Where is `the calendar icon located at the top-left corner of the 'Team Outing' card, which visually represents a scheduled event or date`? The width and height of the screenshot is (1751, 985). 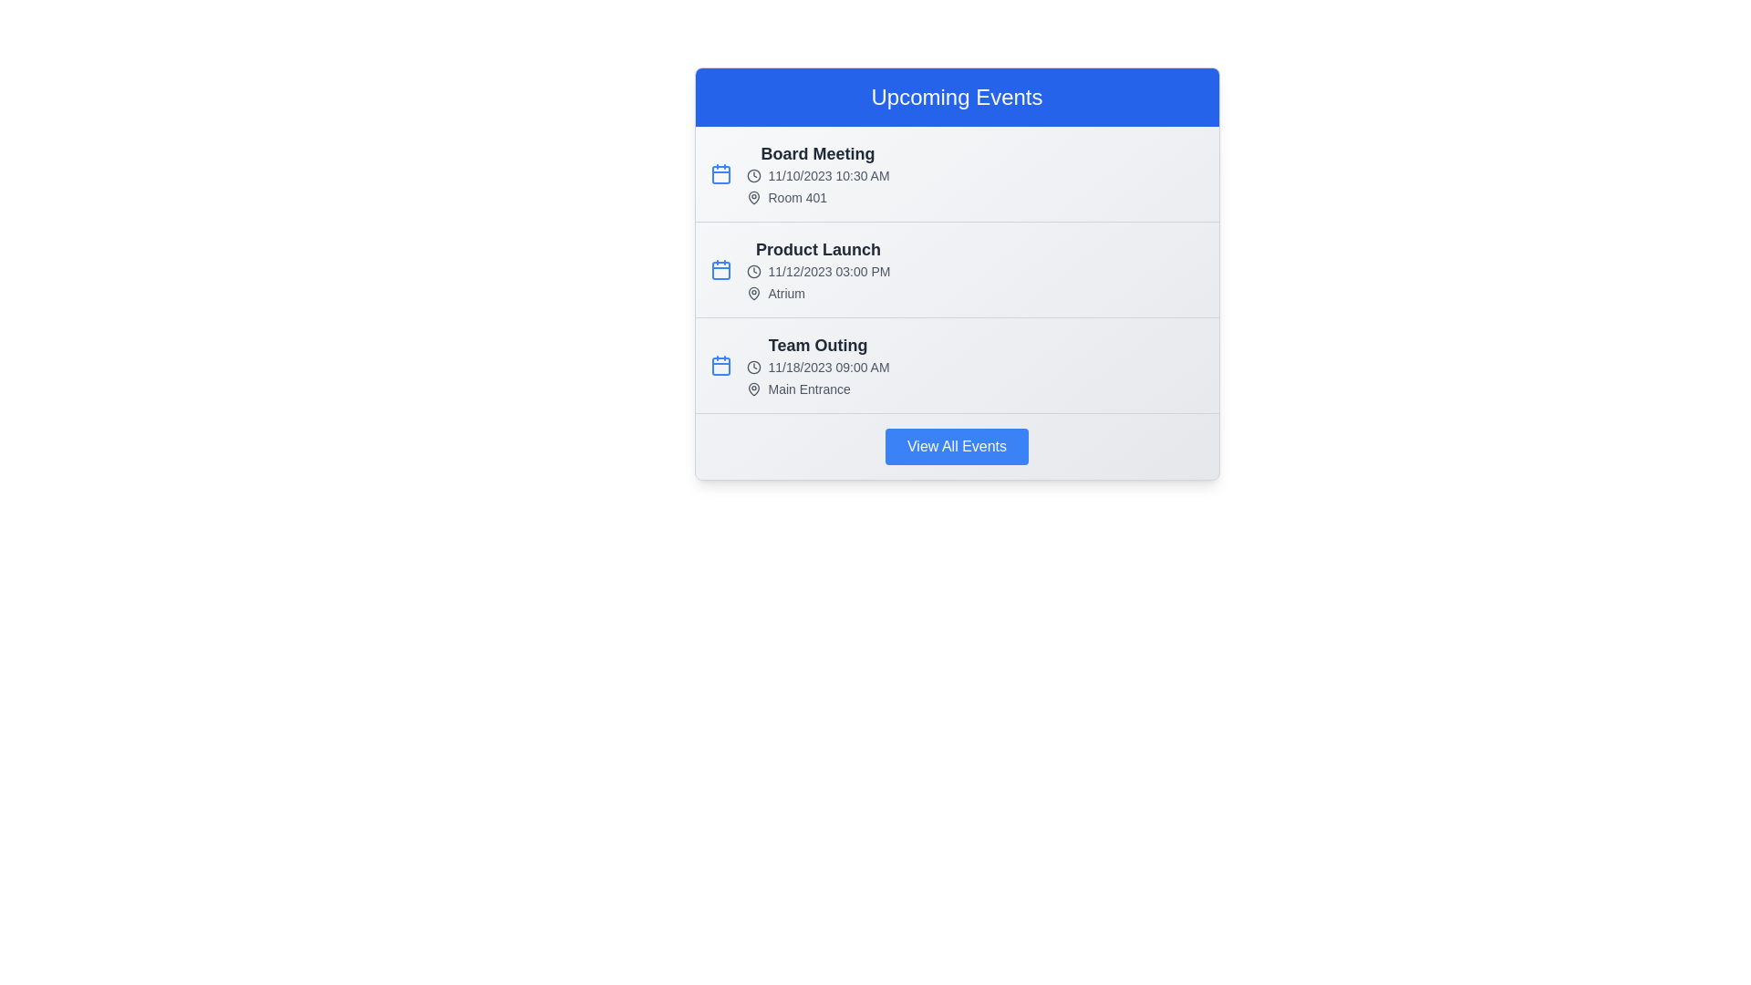 the calendar icon located at the top-left corner of the 'Team Outing' card, which visually represents a scheduled event or date is located at coordinates (720, 366).